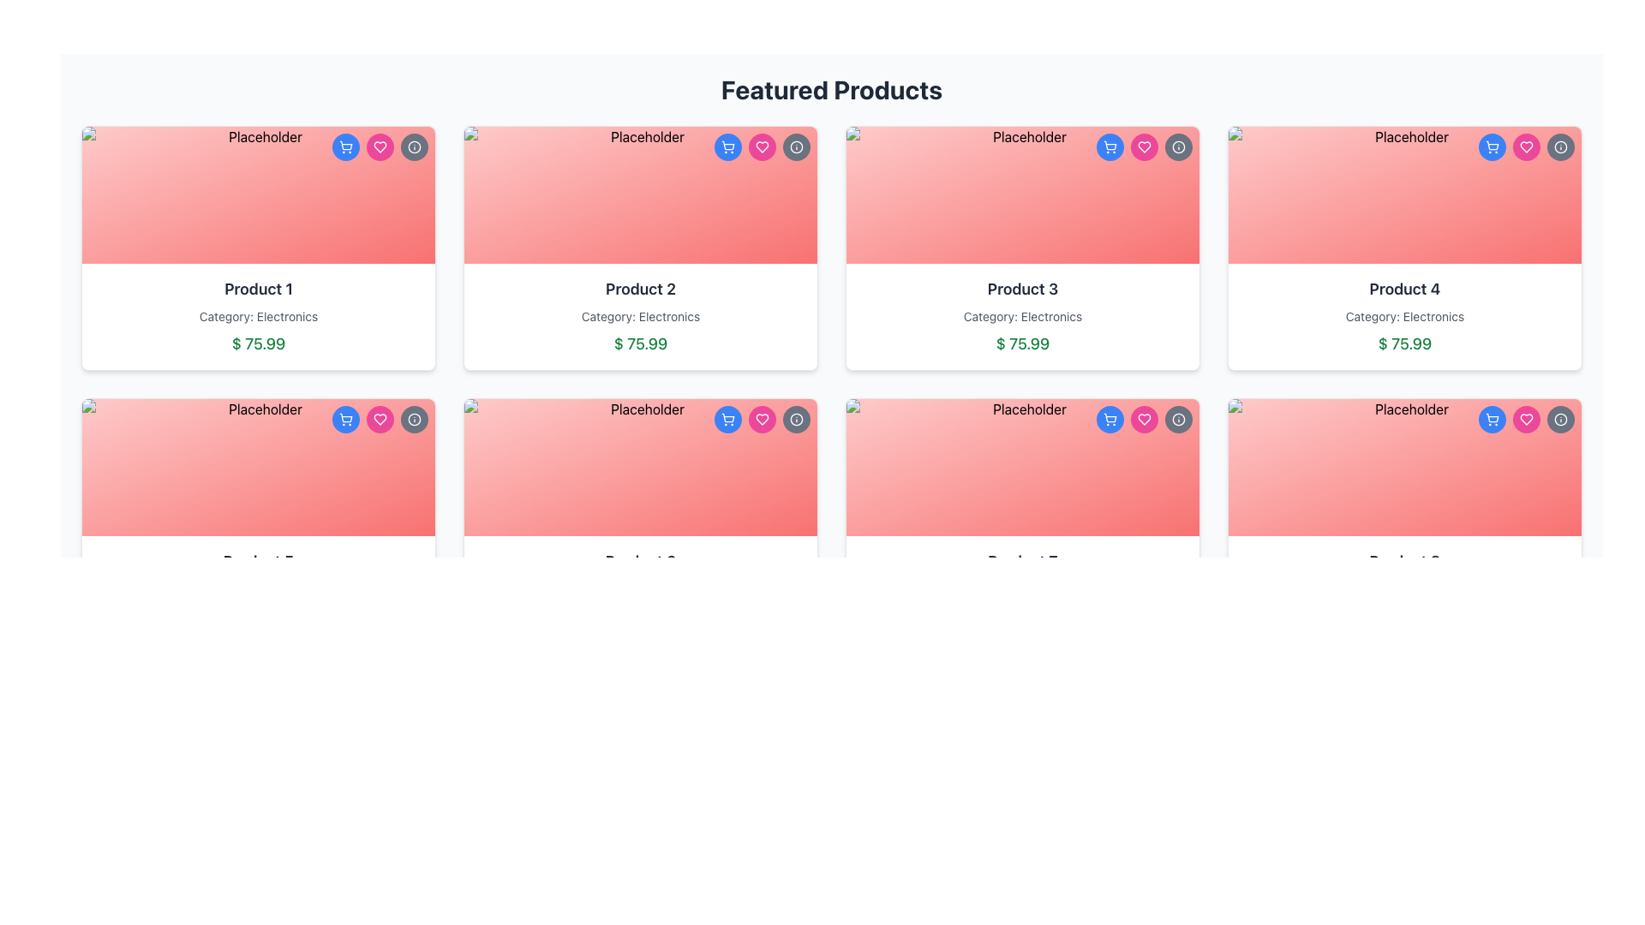 The image size is (1645, 925). What do you see at coordinates (1178, 419) in the screenshot?
I see `the circular info button with a gray background and white border located in the upper-right corner of the card for 'Product 3'` at bounding box center [1178, 419].